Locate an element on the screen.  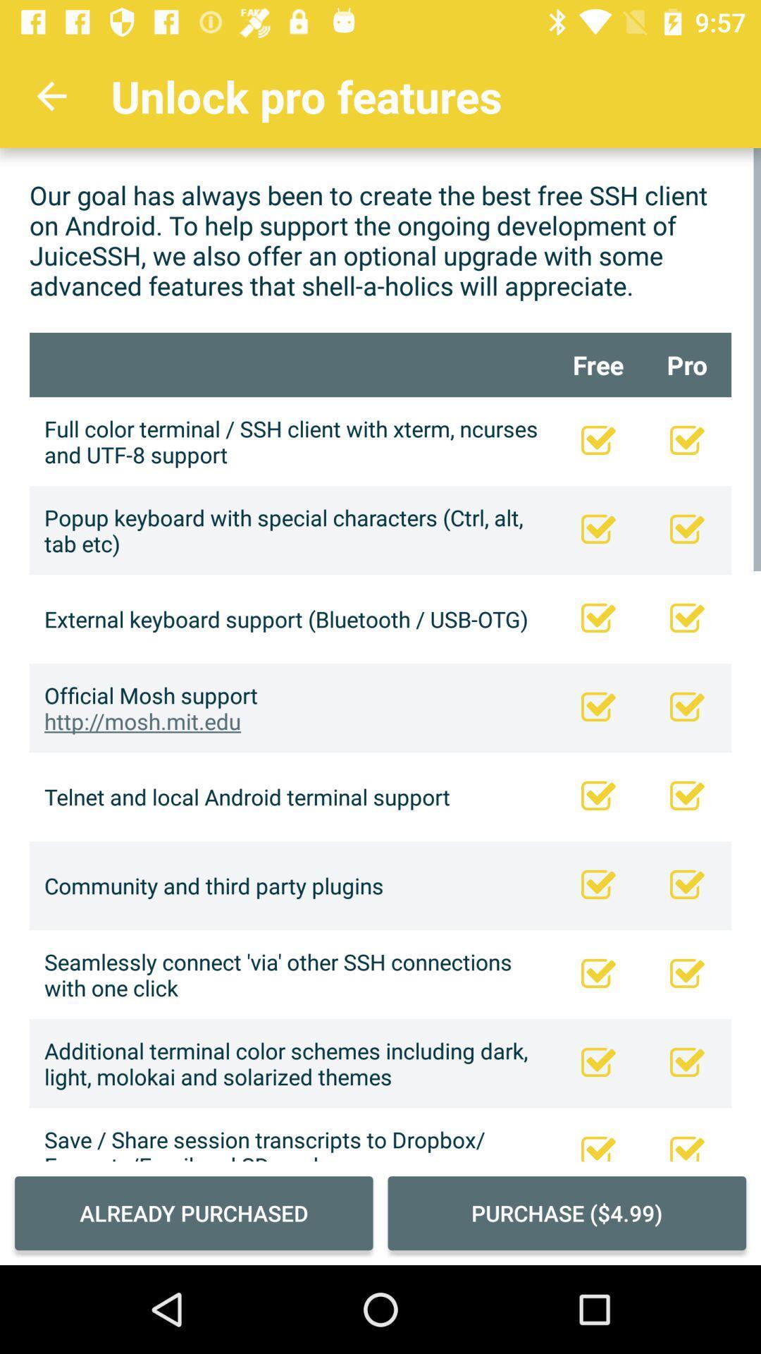
the icon below the save share session item is located at coordinates (194, 1212).